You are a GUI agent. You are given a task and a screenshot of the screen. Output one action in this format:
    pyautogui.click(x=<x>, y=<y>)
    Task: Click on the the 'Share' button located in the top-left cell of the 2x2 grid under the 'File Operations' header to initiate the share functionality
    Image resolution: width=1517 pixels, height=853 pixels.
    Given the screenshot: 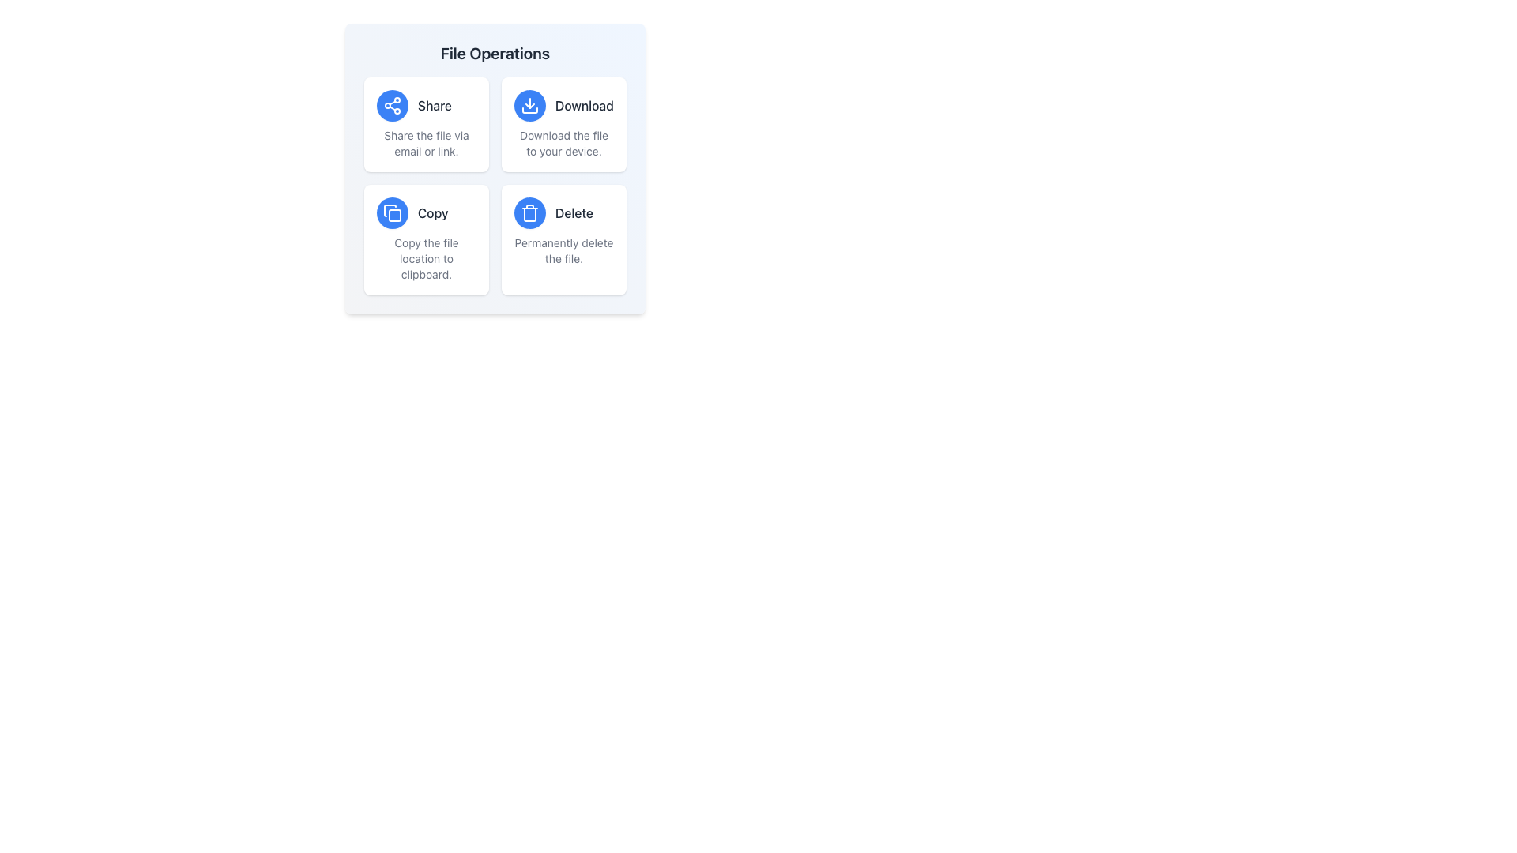 What is the action you would take?
    pyautogui.click(x=426, y=106)
    